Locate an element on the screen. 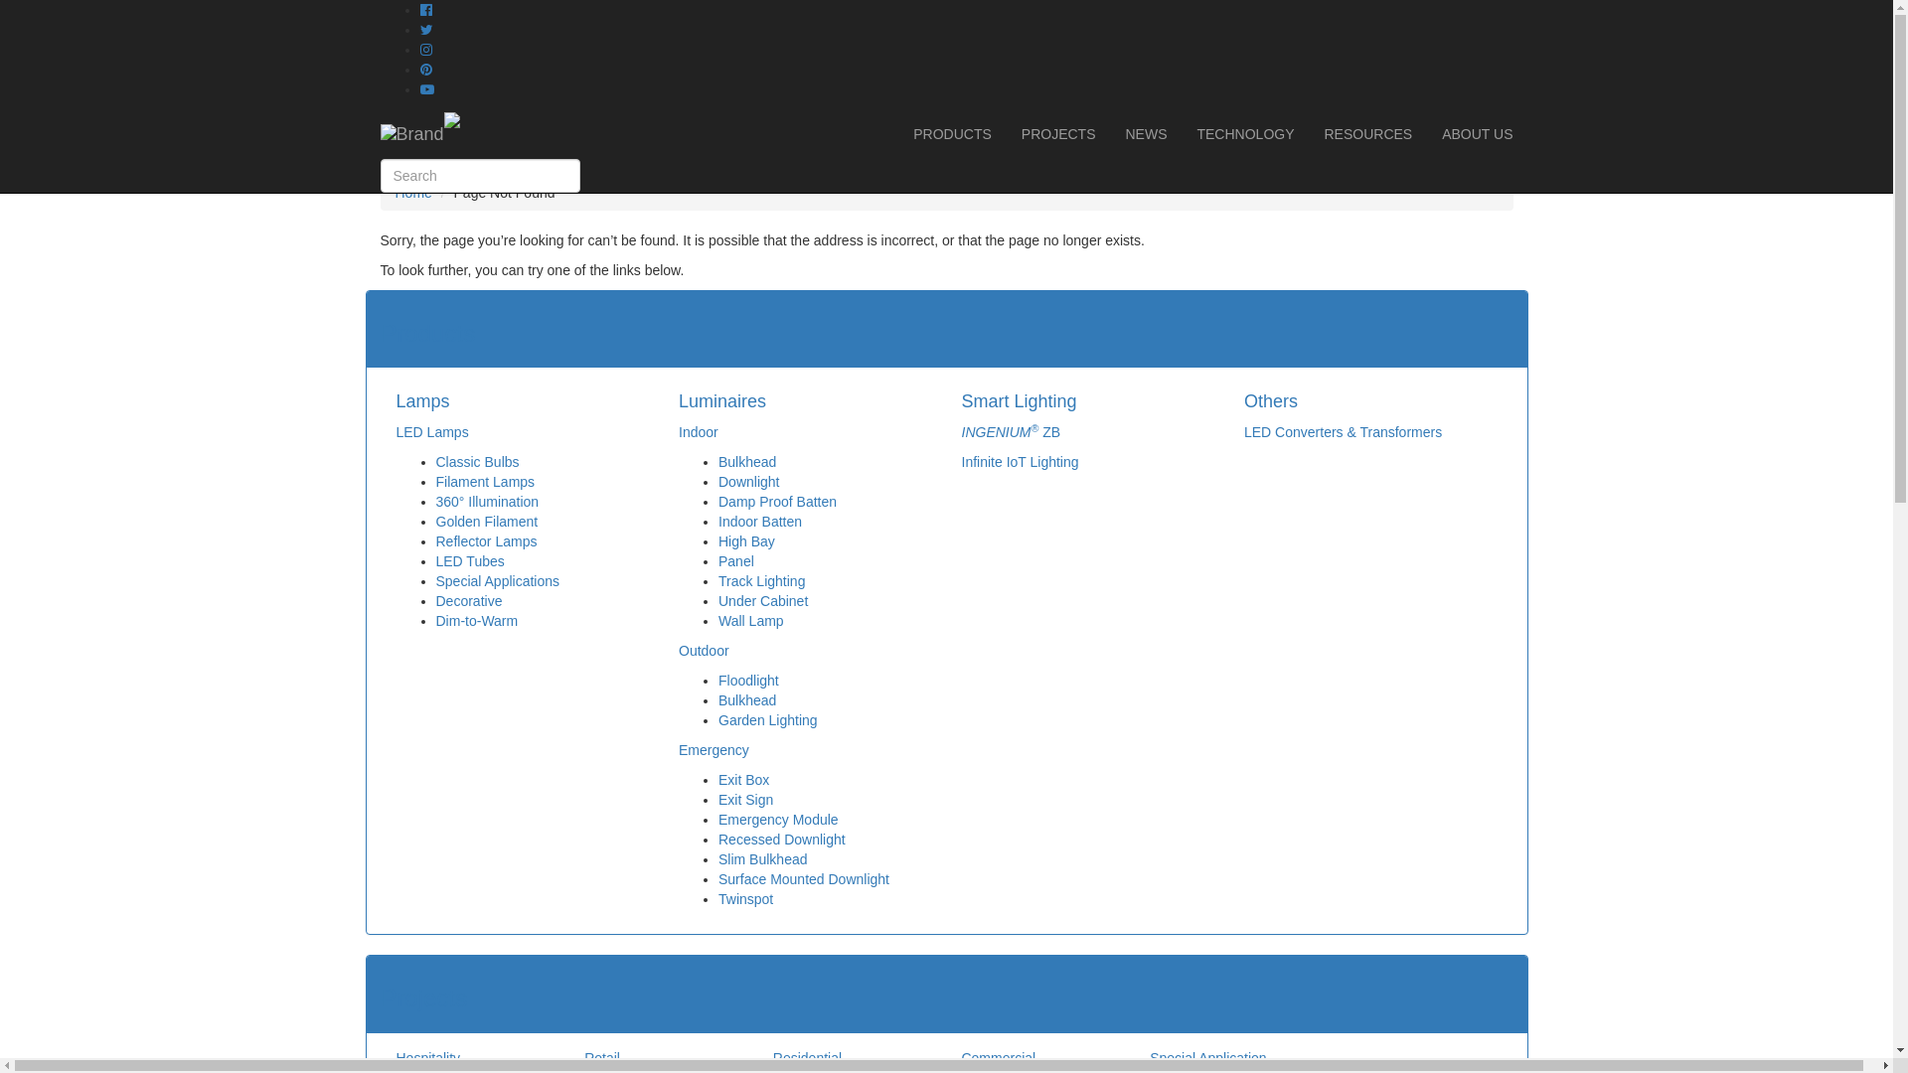 The image size is (1908, 1073). 'Wall Lamp' is located at coordinates (750, 619).